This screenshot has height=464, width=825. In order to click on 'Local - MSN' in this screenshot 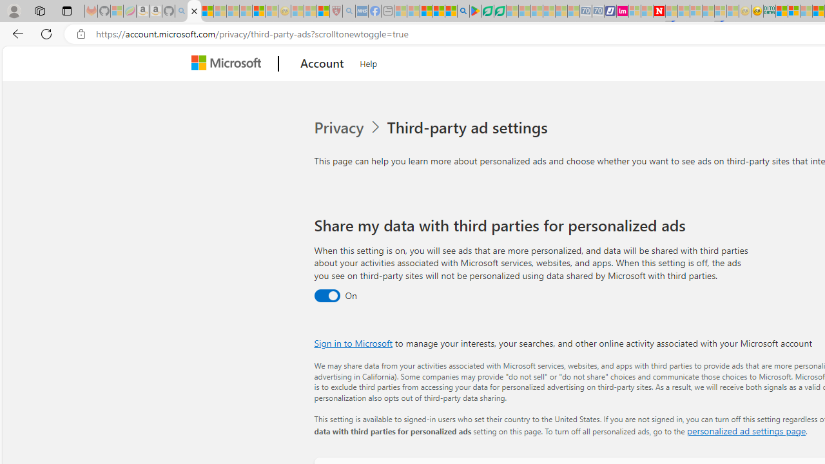, I will do `click(323, 11)`.